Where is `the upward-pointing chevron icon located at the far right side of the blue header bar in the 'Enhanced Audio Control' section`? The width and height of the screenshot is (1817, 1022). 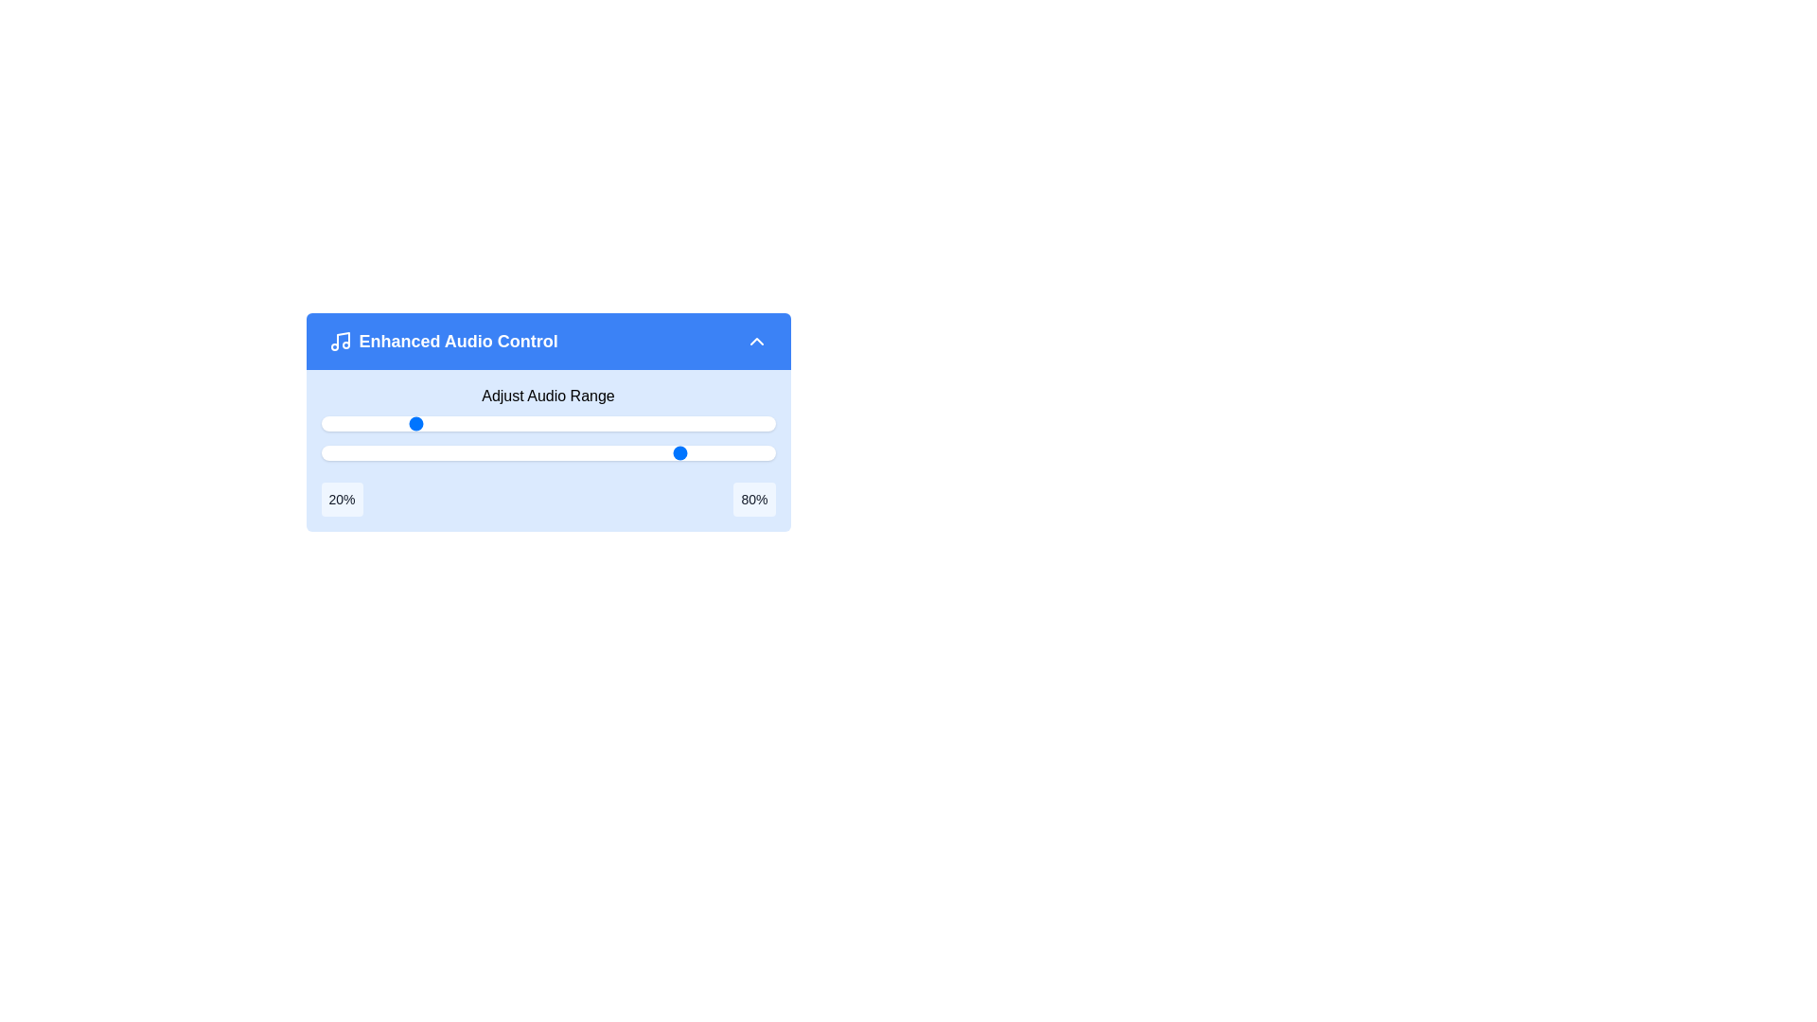
the upward-pointing chevron icon located at the far right side of the blue header bar in the 'Enhanced Audio Control' section is located at coordinates (755, 342).